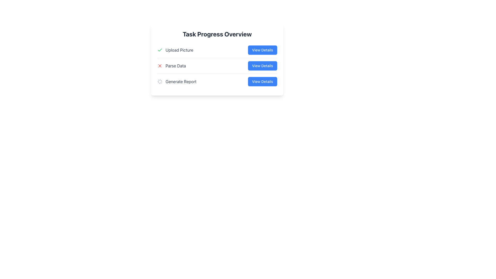 The width and height of the screenshot is (496, 279). I want to click on the Label with a red 'X' icon and the text 'Parse Data', which is the second item in the Task Progress Overview section, positioned between 'Upload Picture' and 'Generate Report', so click(172, 65).